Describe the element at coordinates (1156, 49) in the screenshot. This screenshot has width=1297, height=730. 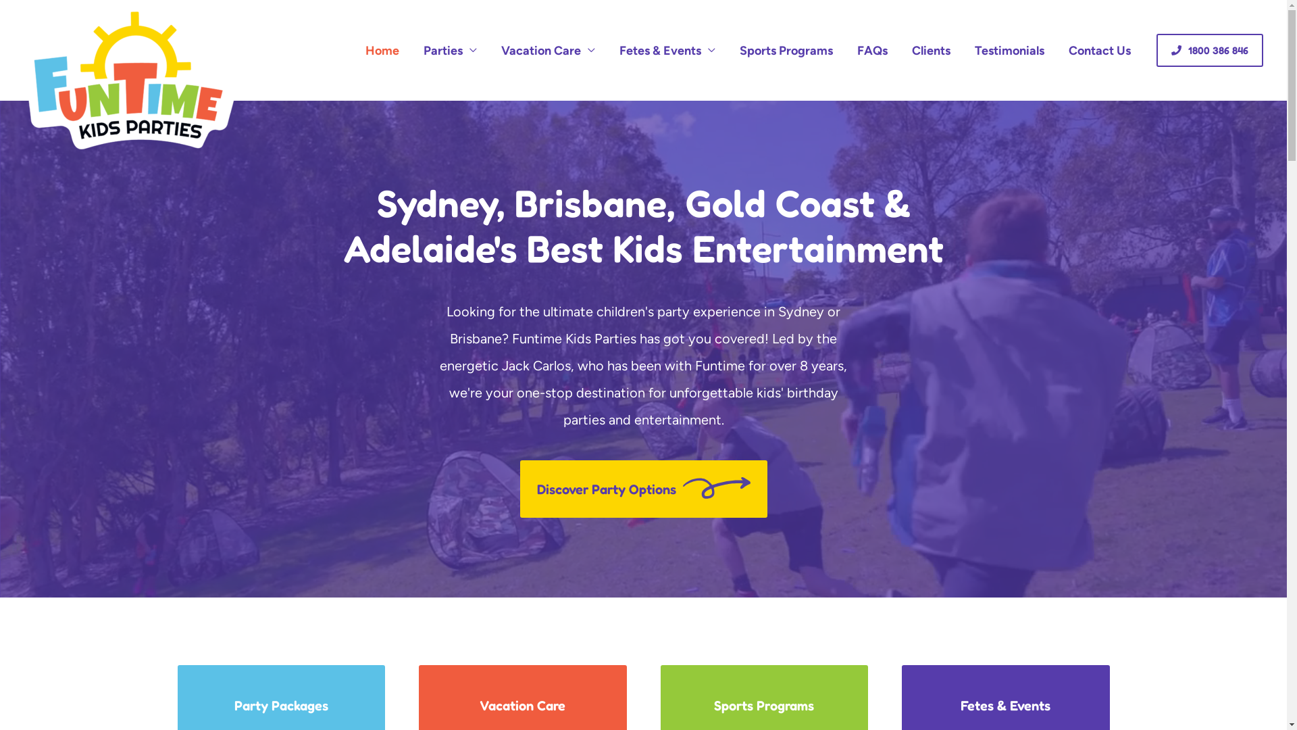
I see `'1800 386 846'` at that location.